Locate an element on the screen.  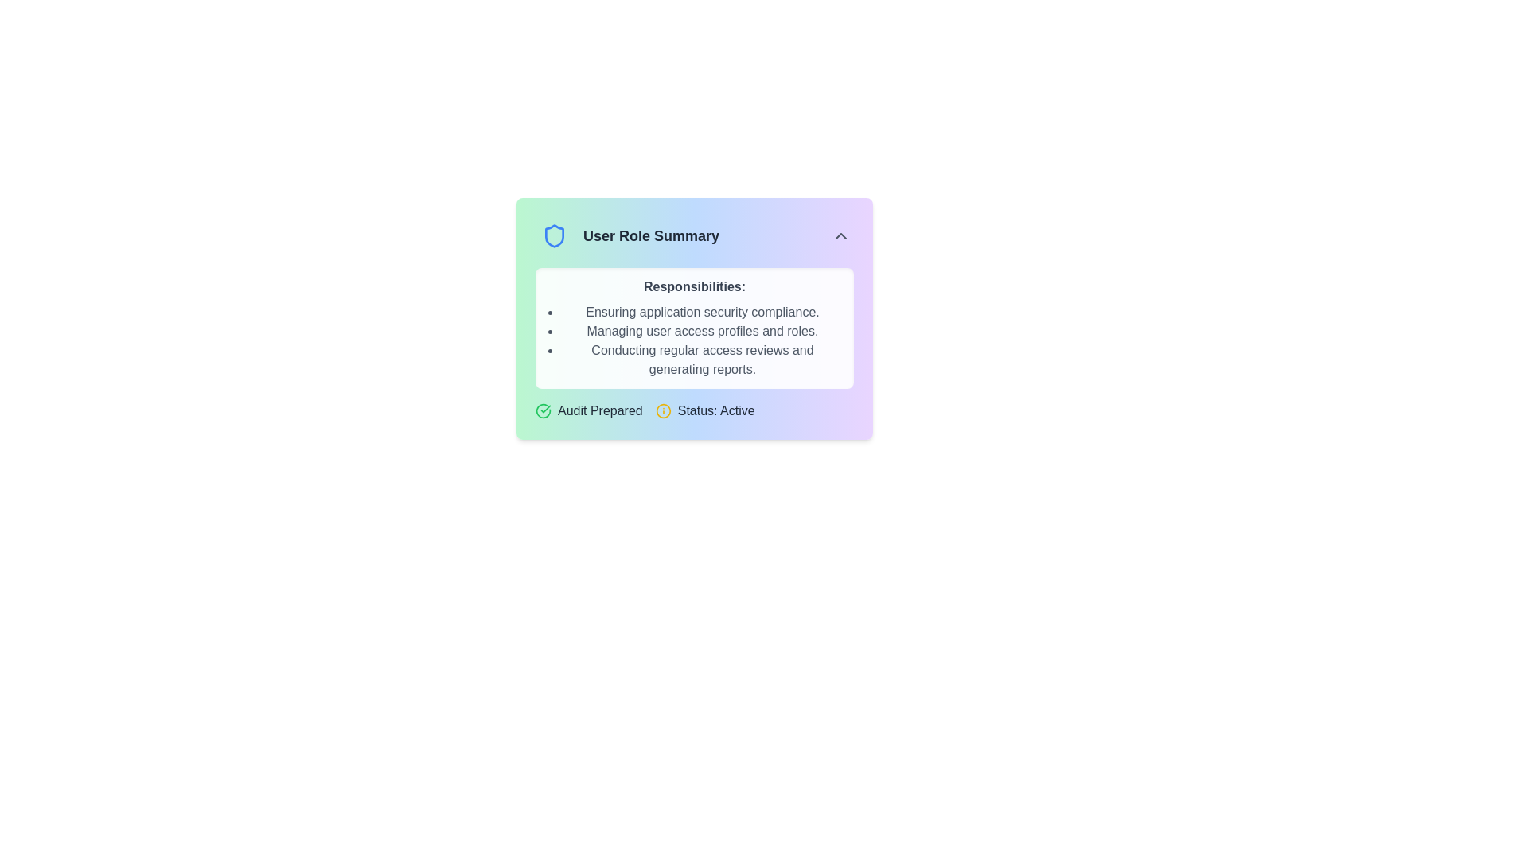
the success icon located at the leftmost side of the group containing the text 'Audit Prepared' is located at coordinates (543, 410).